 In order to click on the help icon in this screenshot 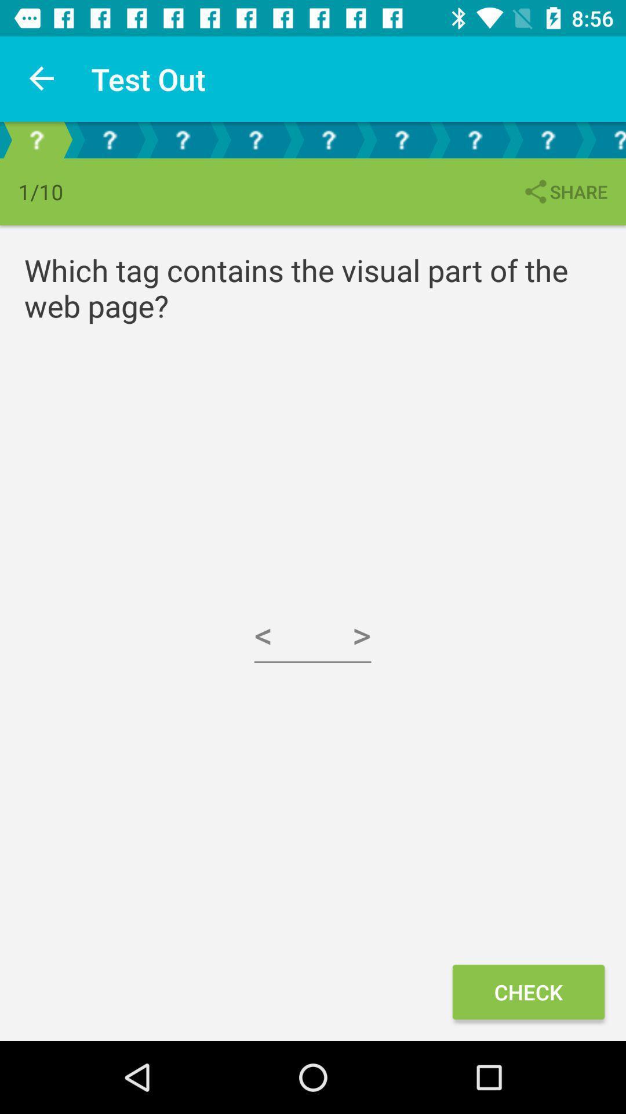, I will do `click(329, 139)`.